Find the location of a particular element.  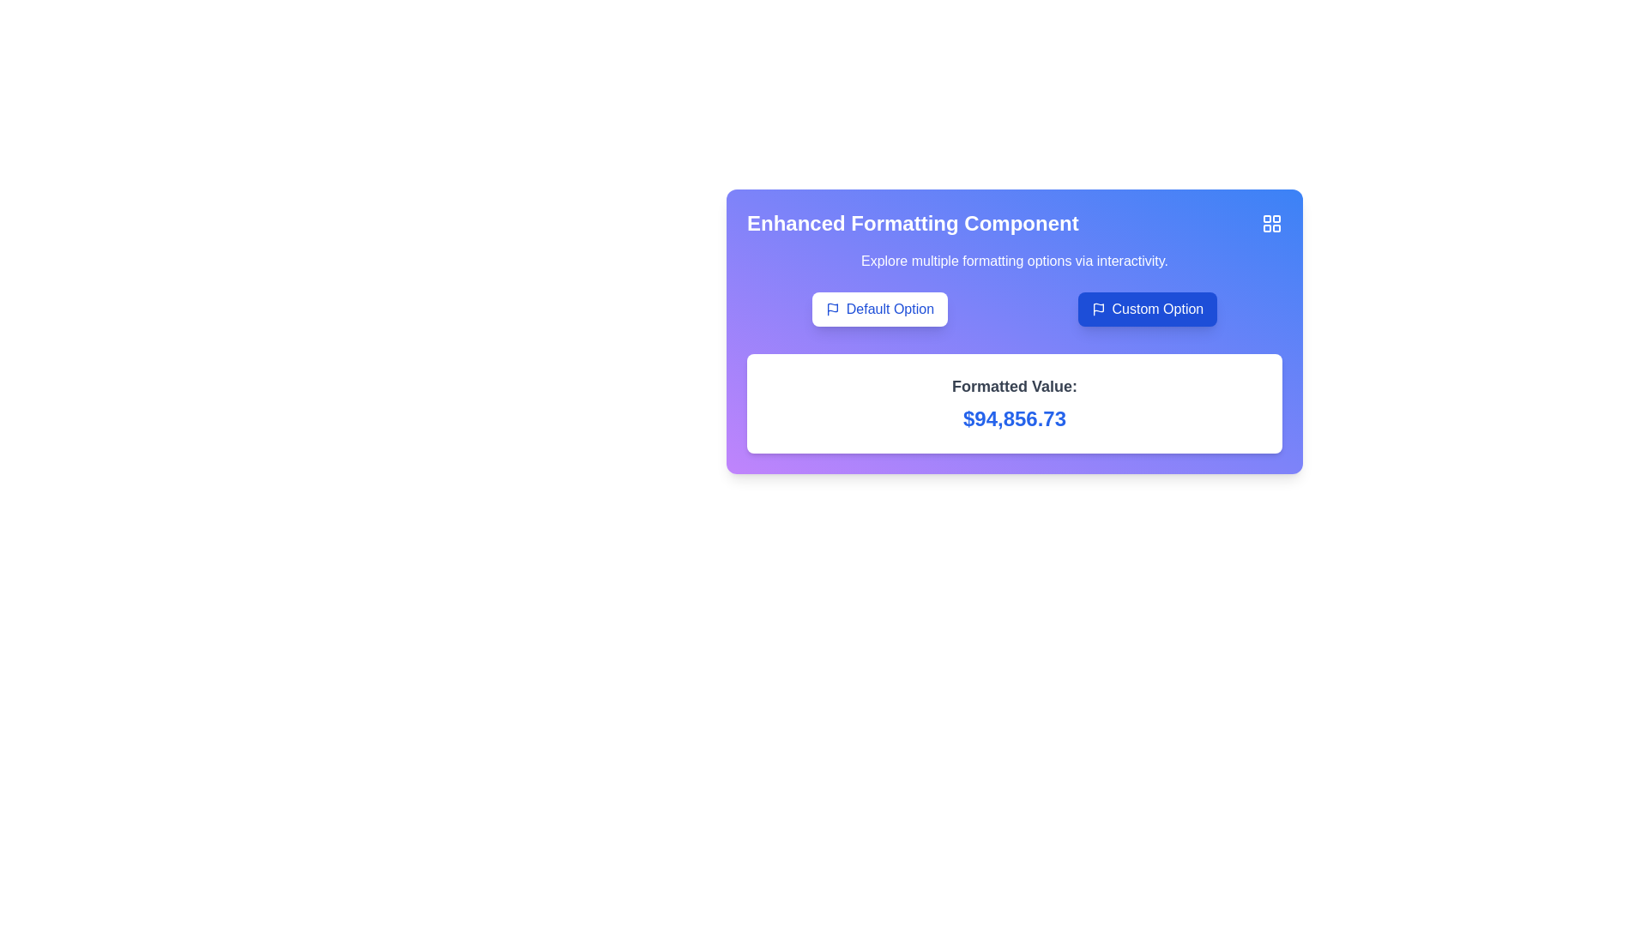

the text label 'Custom Option' within the button is located at coordinates (1157, 310).